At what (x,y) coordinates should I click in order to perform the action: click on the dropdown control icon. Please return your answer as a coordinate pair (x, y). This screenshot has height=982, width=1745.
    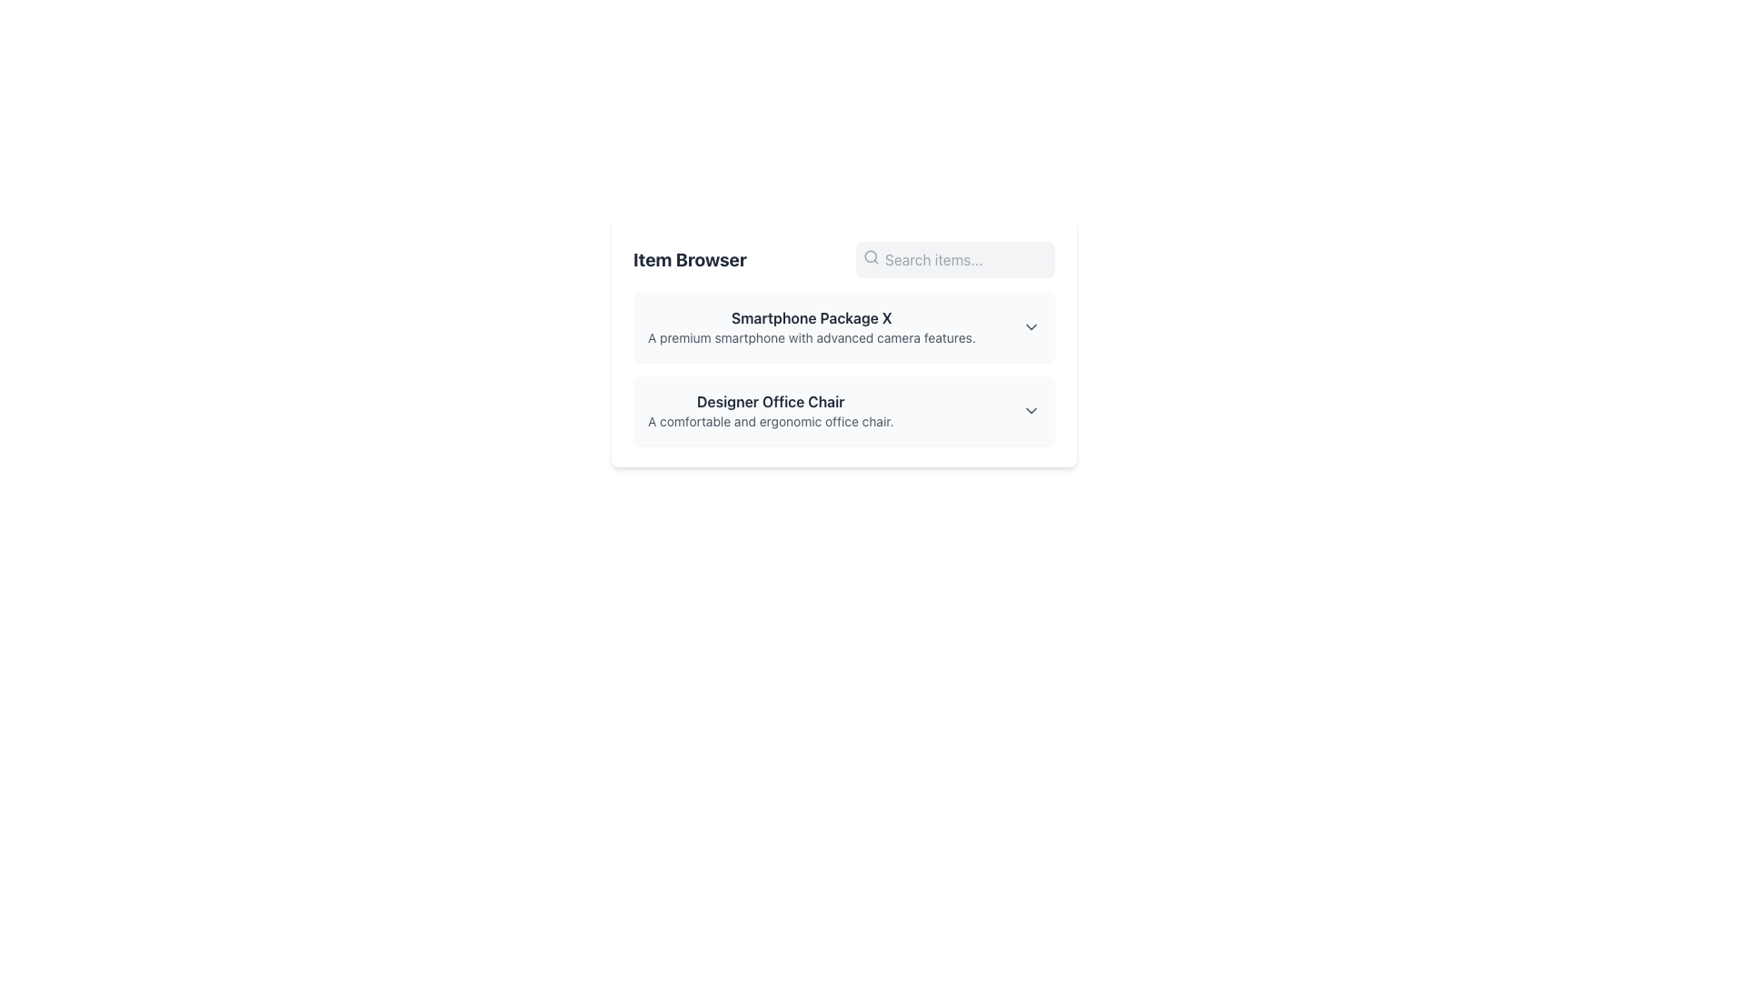
    Looking at the image, I should click on (1031, 326).